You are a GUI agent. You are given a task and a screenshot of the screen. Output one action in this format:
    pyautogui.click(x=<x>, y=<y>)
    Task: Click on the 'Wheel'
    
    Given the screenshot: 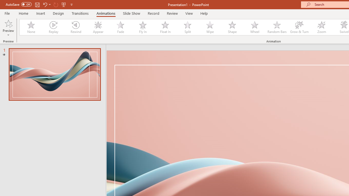 What is the action you would take?
    pyautogui.click(x=254, y=27)
    